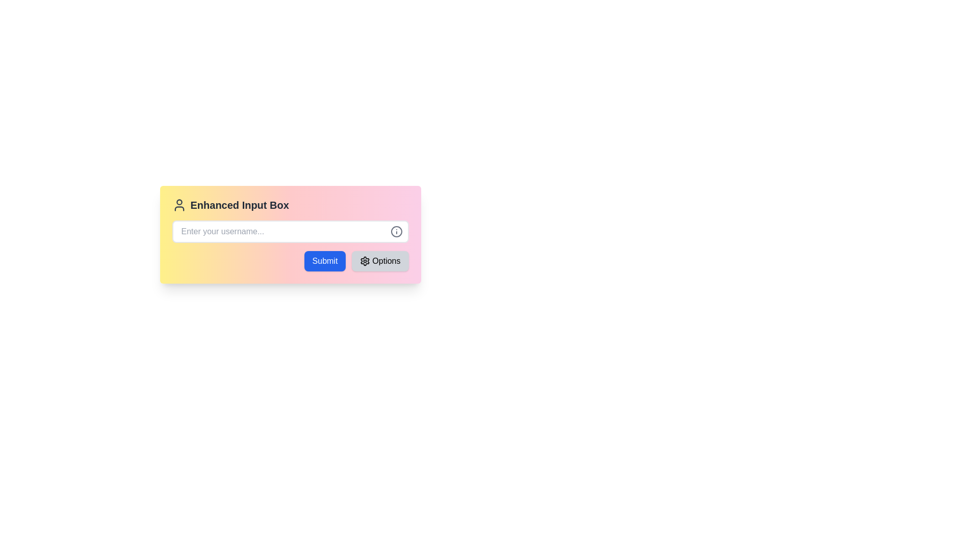 Image resolution: width=979 pixels, height=550 pixels. Describe the element at coordinates (324, 261) in the screenshot. I see `the submit button located to the left of the 'Options' button in the 'Enhanced Input Box' section` at that location.